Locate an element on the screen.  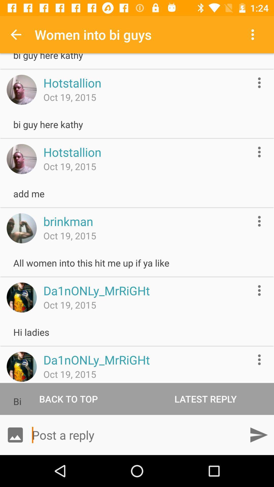
item to the left of latest reply item is located at coordinates (68, 398).